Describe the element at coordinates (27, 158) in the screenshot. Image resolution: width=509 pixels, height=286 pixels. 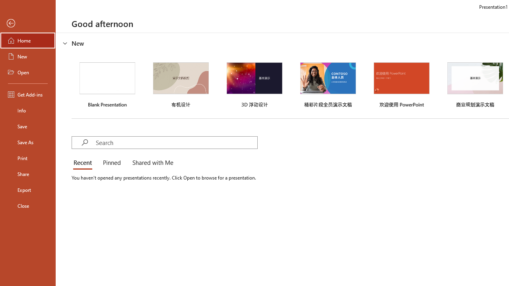
I see `'Print'` at that location.